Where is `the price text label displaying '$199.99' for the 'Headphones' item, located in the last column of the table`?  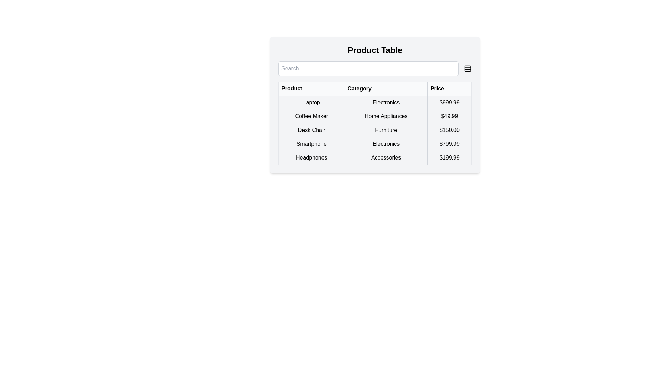 the price text label displaying '$199.99' for the 'Headphones' item, located in the last column of the table is located at coordinates (449, 158).